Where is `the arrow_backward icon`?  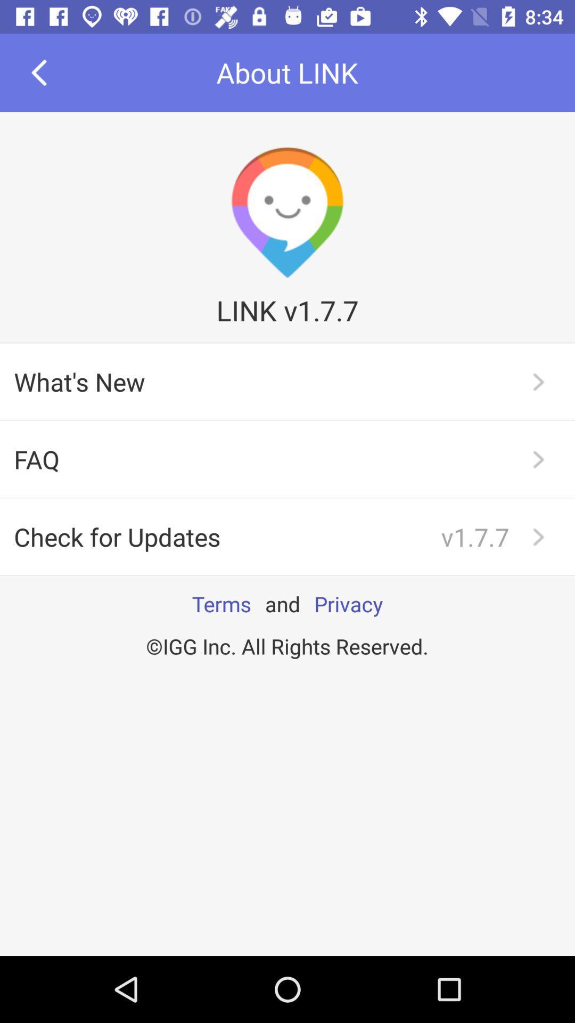
the arrow_backward icon is located at coordinates (38, 72).